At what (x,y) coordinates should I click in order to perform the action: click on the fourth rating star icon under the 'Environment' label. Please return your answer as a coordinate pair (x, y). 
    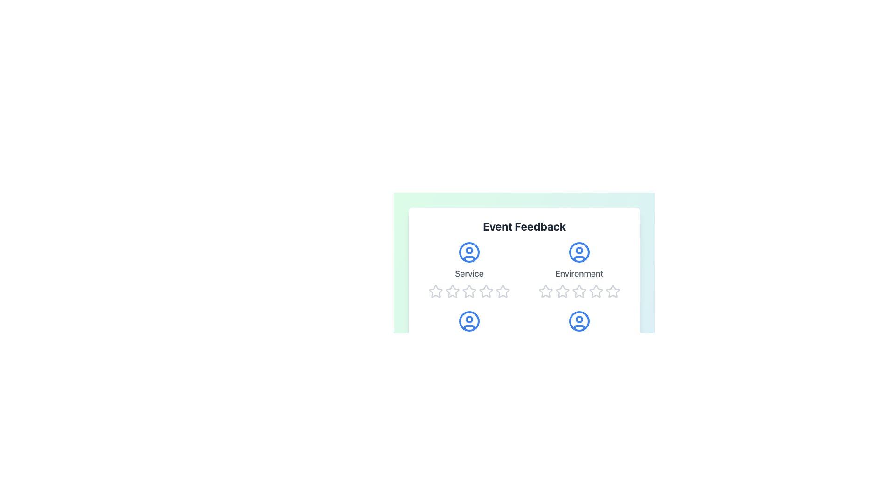
    Looking at the image, I should click on (579, 291).